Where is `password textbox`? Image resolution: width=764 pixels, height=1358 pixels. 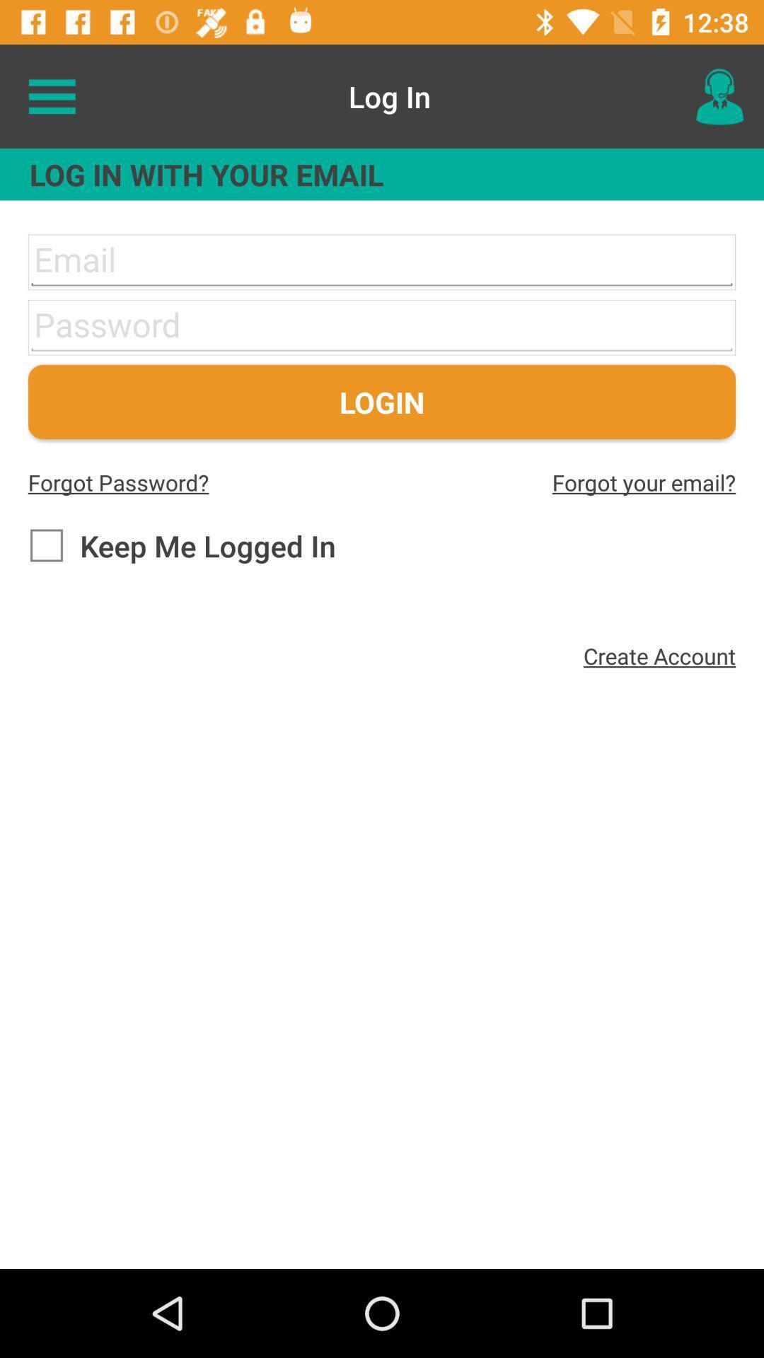 password textbox is located at coordinates (382, 327).